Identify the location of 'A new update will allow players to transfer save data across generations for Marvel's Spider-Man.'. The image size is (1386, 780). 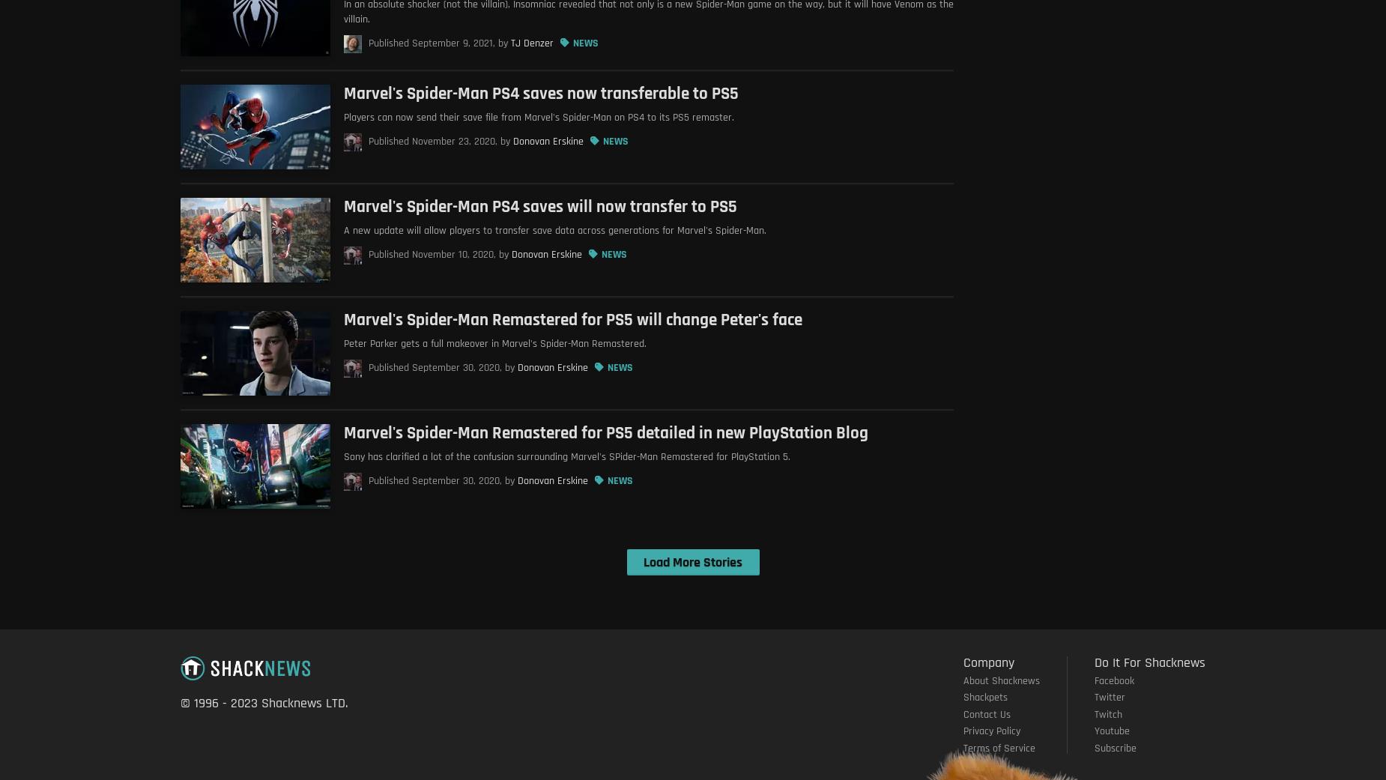
(554, 229).